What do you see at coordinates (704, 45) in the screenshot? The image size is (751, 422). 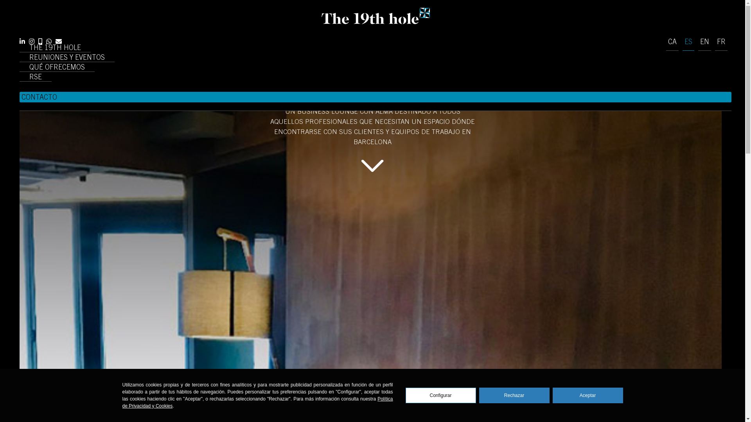 I see `'EN'` at bounding box center [704, 45].